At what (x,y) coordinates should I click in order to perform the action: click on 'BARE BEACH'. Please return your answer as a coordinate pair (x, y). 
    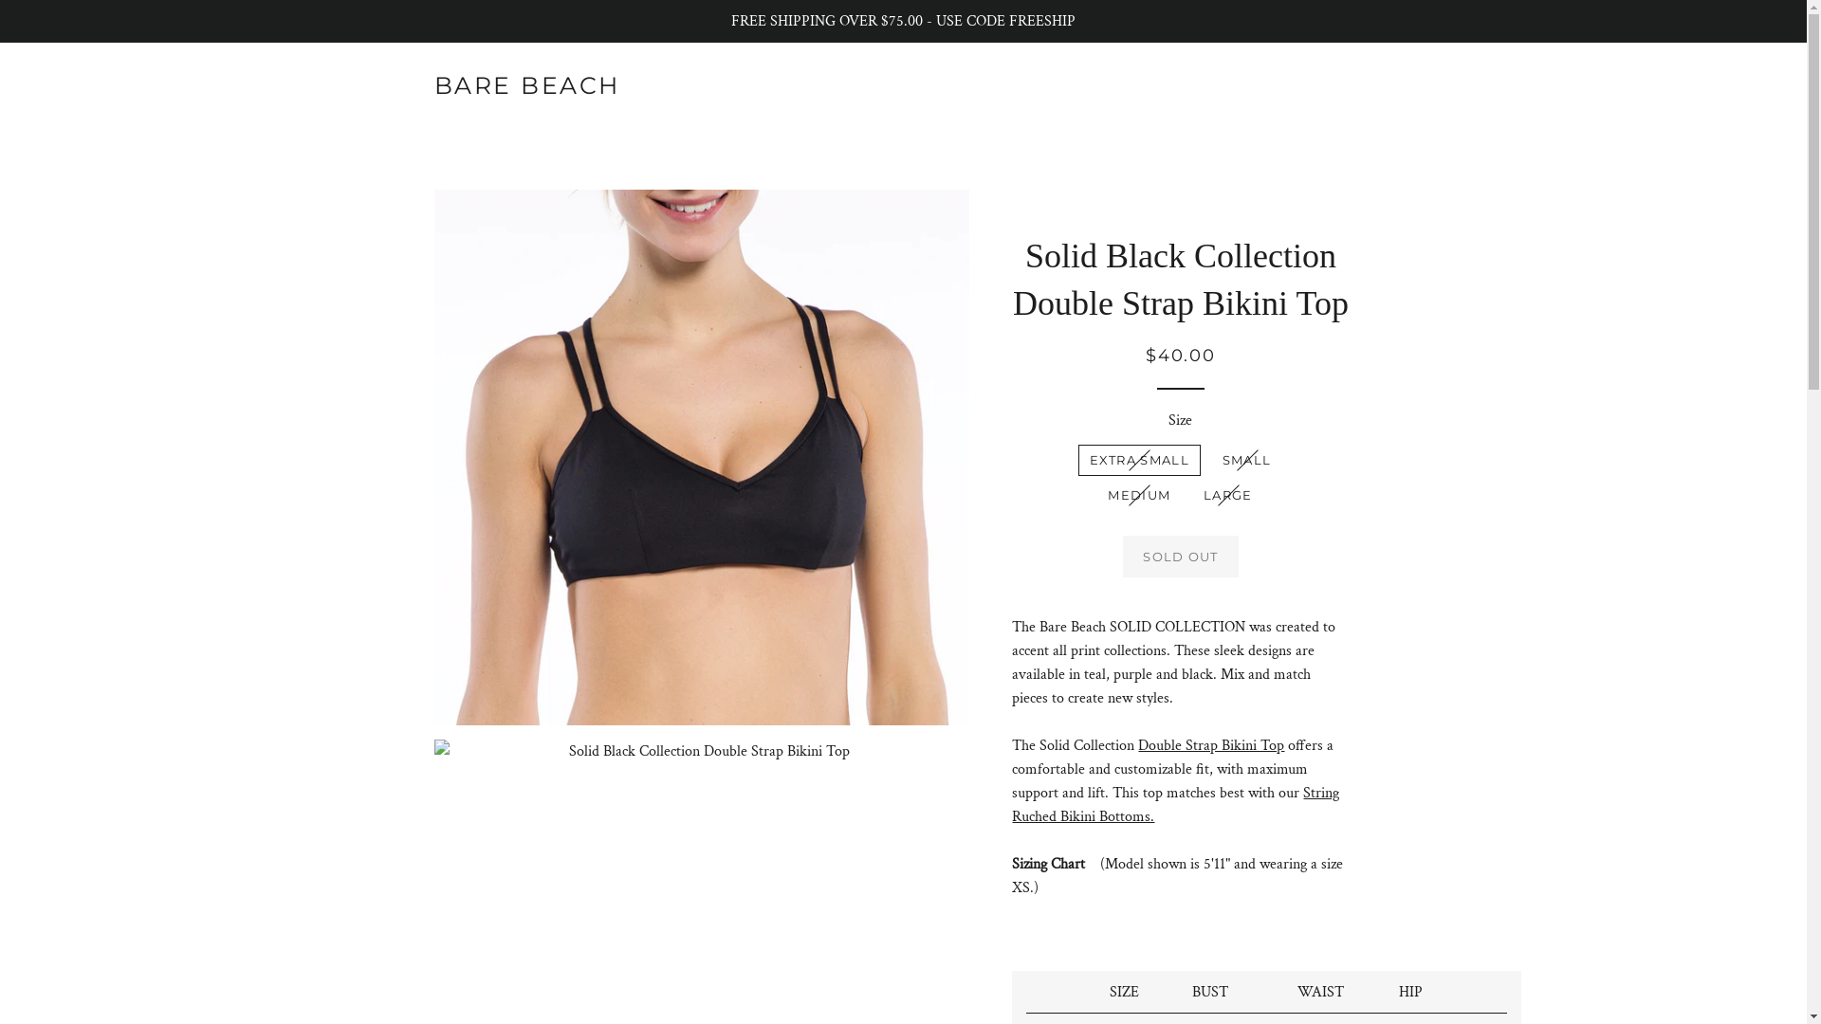
    Looking at the image, I should click on (527, 85).